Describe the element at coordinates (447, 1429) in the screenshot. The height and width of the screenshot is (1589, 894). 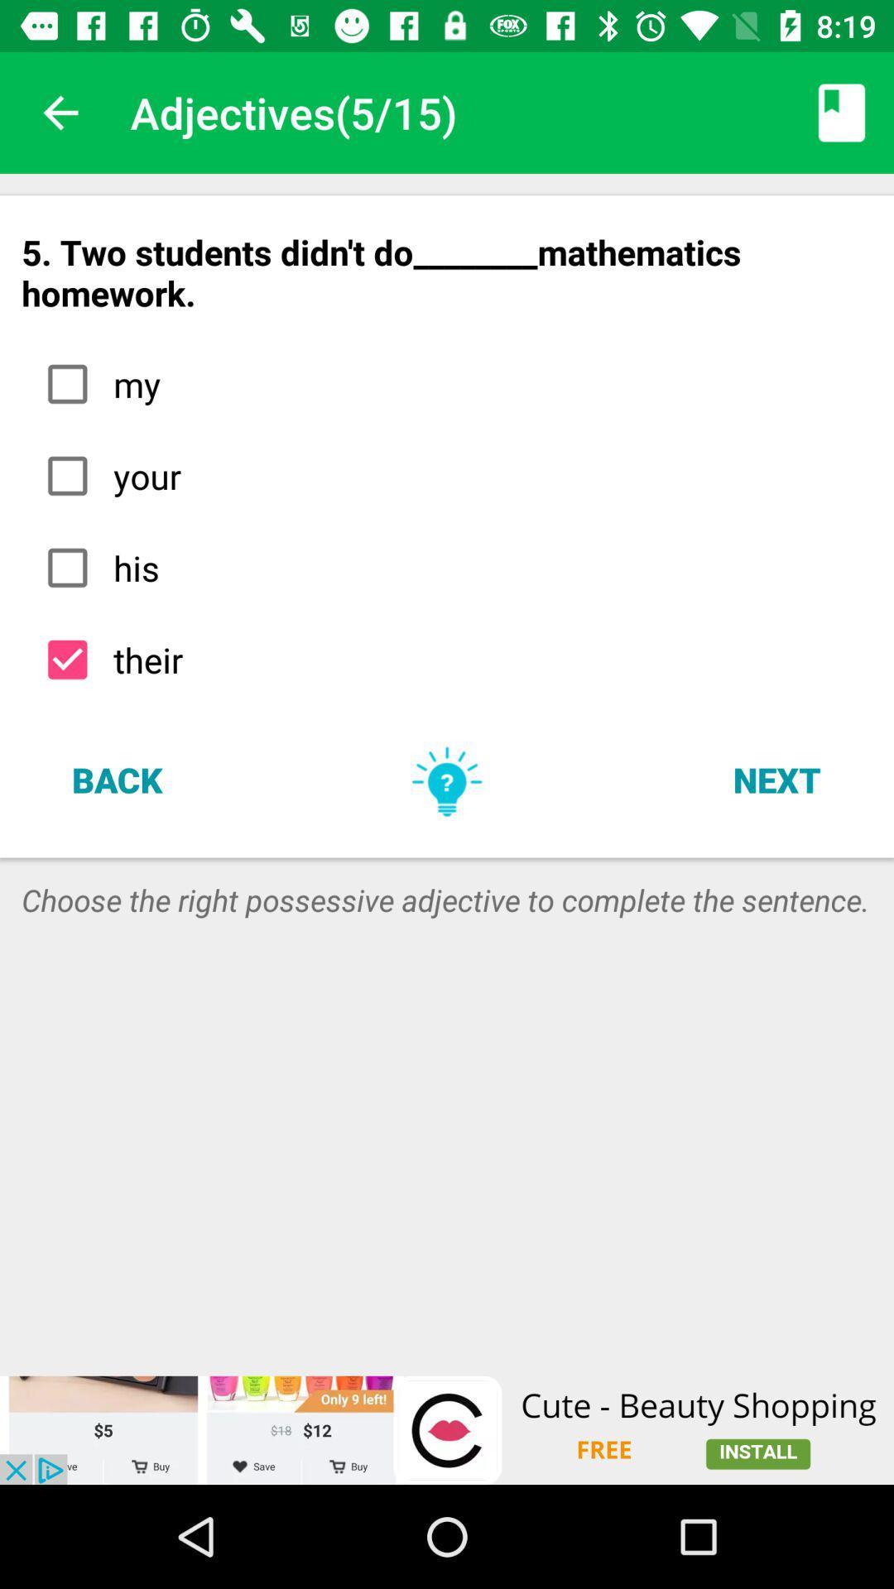
I see `advertisent page` at that location.